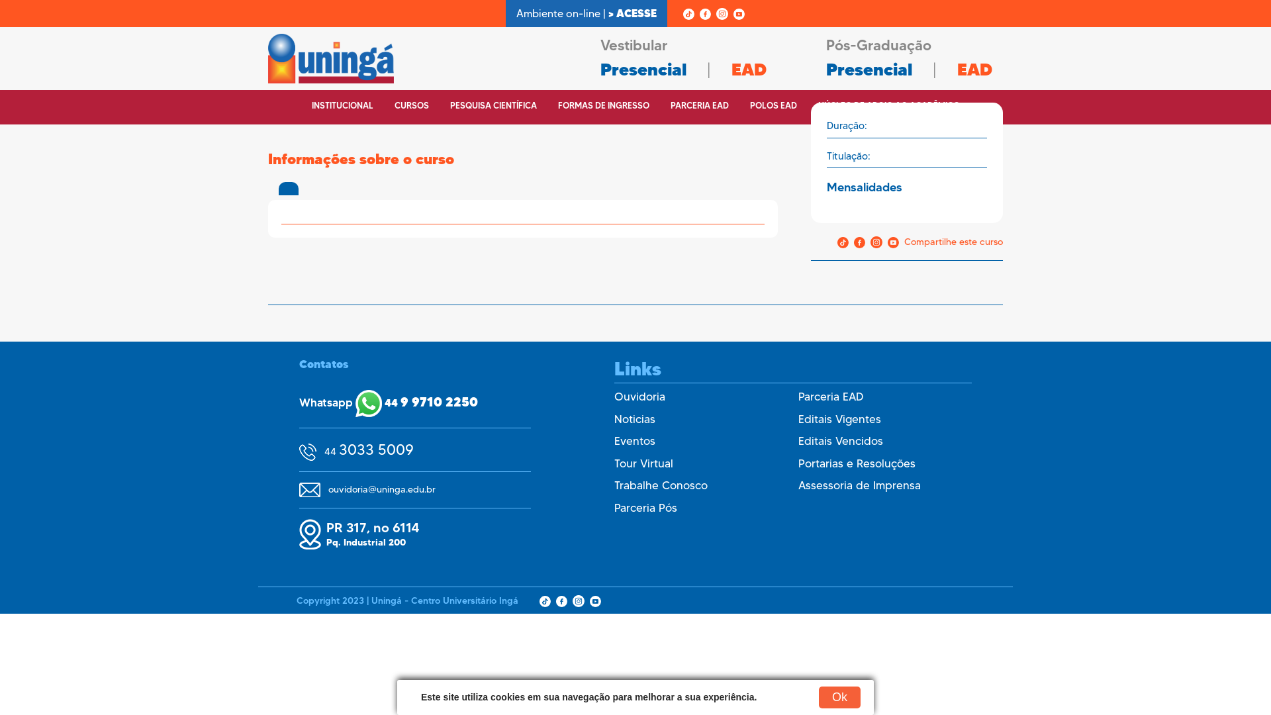  Describe the element at coordinates (825, 69) in the screenshot. I see `'Presencial'` at that location.